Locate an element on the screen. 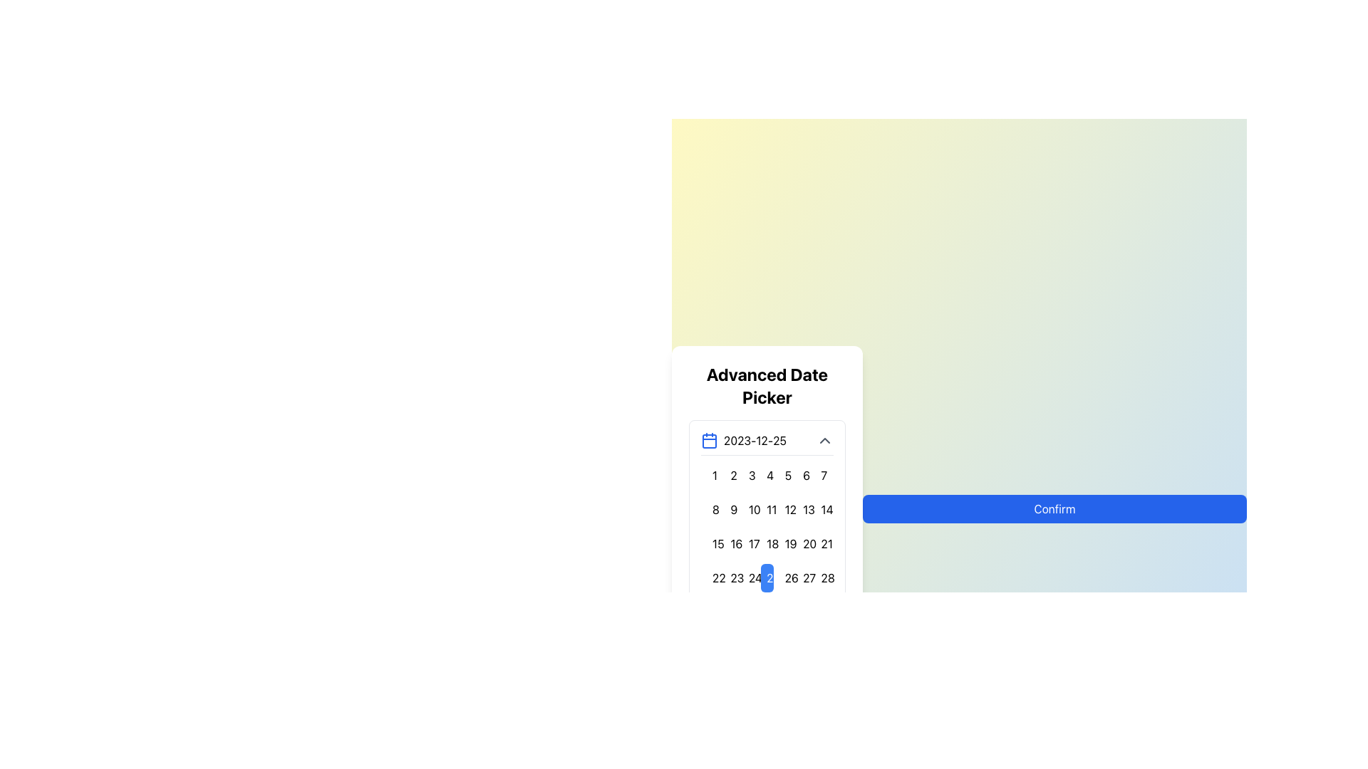 The height and width of the screenshot is (769, 1368). the text display that shows the selected date, located adjacent to the calendar icon in the date picker module is located at coordinates (755, 439).